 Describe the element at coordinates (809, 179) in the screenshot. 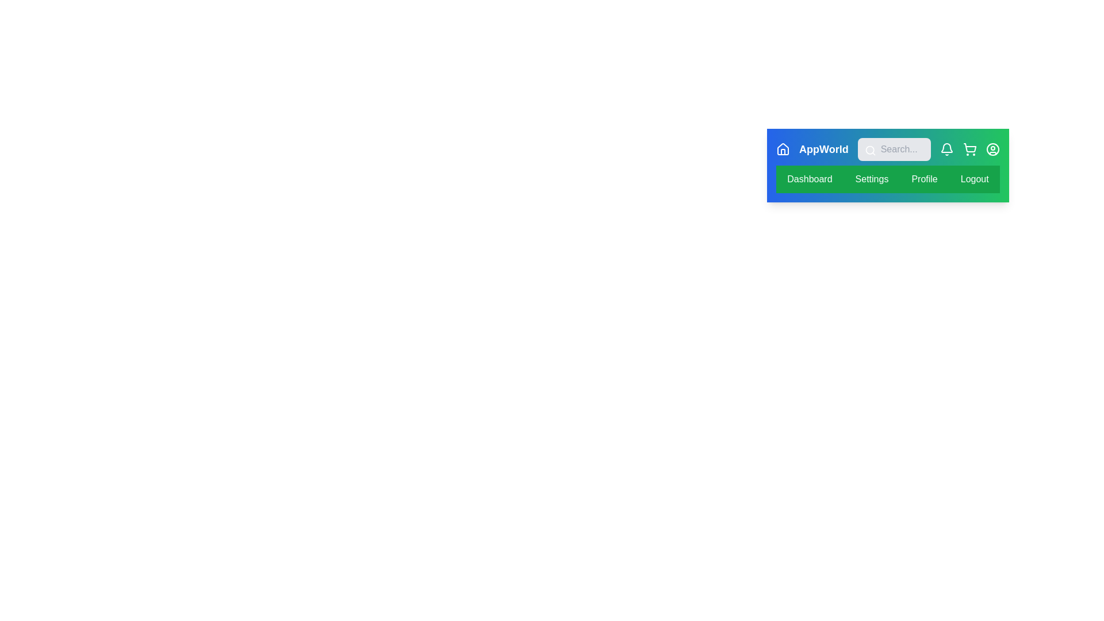

I see `the navigation item Dashboard to navigate to the corresponding section` at that location.